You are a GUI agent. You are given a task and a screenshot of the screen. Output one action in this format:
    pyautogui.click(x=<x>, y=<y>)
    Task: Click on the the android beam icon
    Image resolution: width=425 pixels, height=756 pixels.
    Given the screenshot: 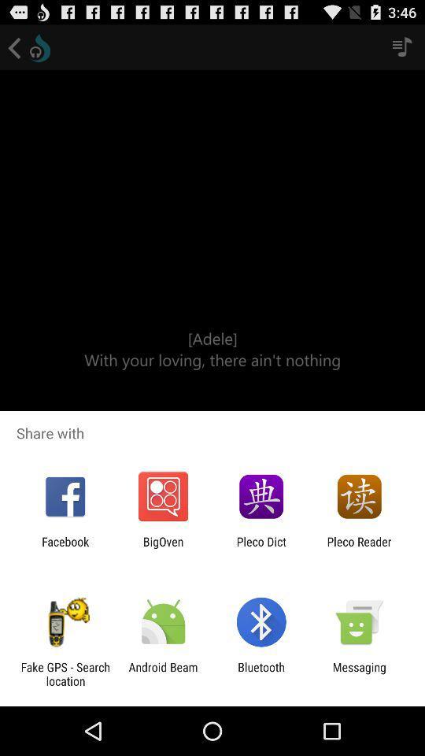 What is the action you would take?
    pyautogui.click(x=162, y=673)
    